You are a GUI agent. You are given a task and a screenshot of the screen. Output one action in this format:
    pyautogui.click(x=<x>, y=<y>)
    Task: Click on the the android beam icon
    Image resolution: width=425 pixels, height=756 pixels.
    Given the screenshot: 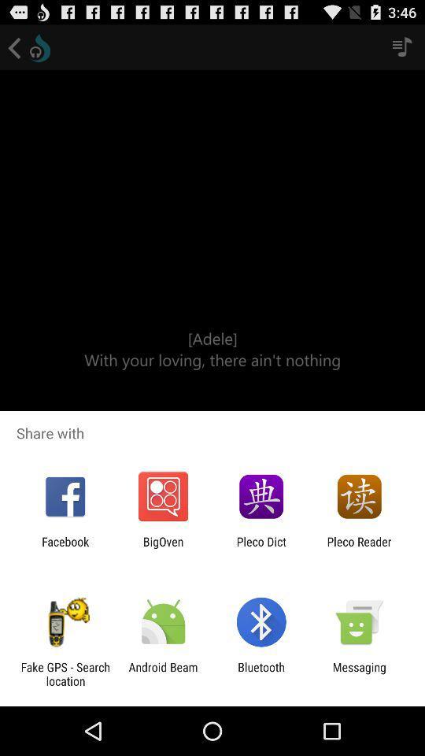 What is the action you would take?
    pyautogui.click(x=162, y=673)
    